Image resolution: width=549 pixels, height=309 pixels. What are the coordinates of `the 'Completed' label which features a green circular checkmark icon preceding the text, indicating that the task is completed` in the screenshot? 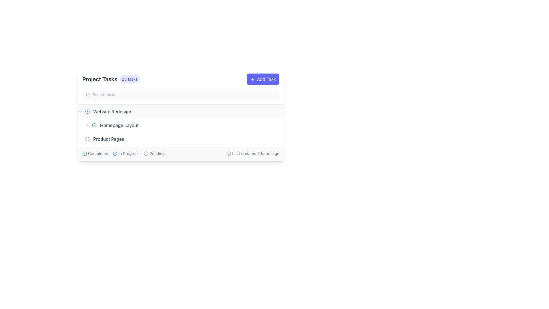 It's located at (95, 153).